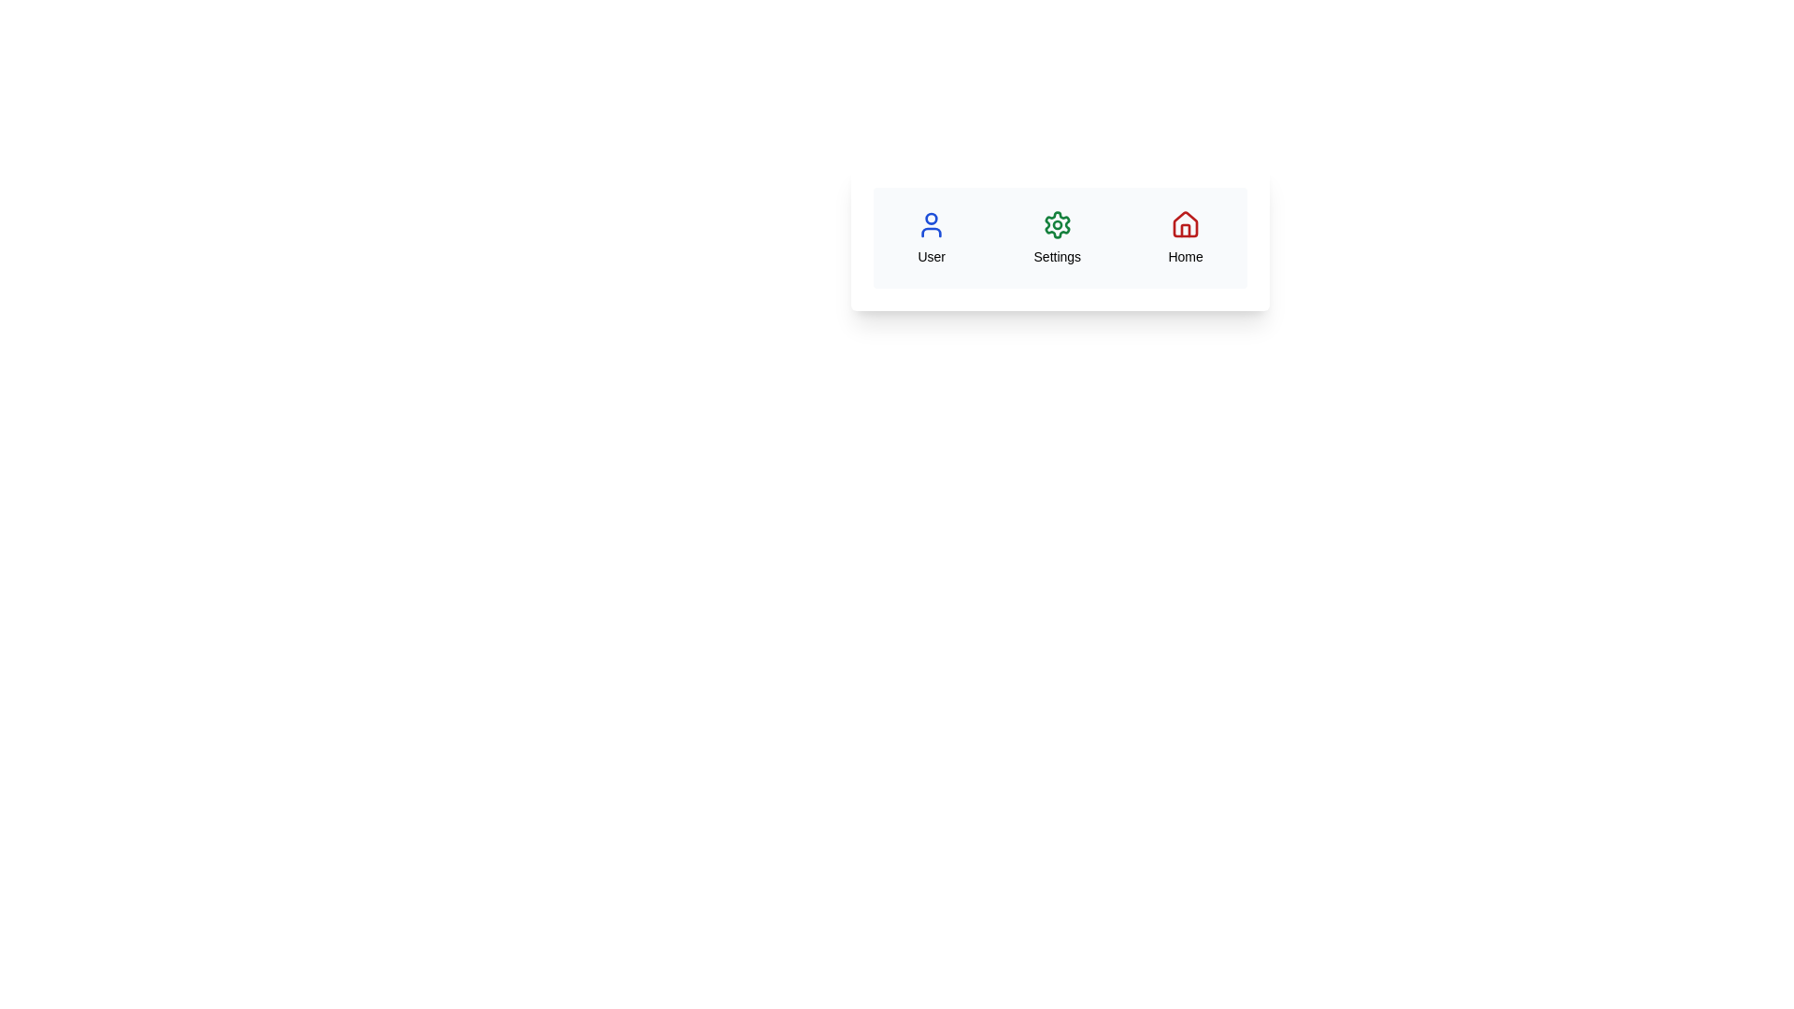  Describe the element at coordinates (932, 236) in the screenshot. I see `the button located at the leftmost position of a horizontal group, which navigates to the User section of the application` at that location.